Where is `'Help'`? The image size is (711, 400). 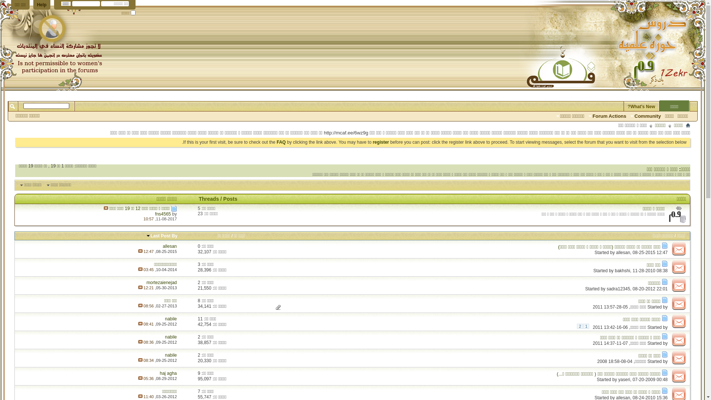 'Help' is located at coordinates (41, 4).